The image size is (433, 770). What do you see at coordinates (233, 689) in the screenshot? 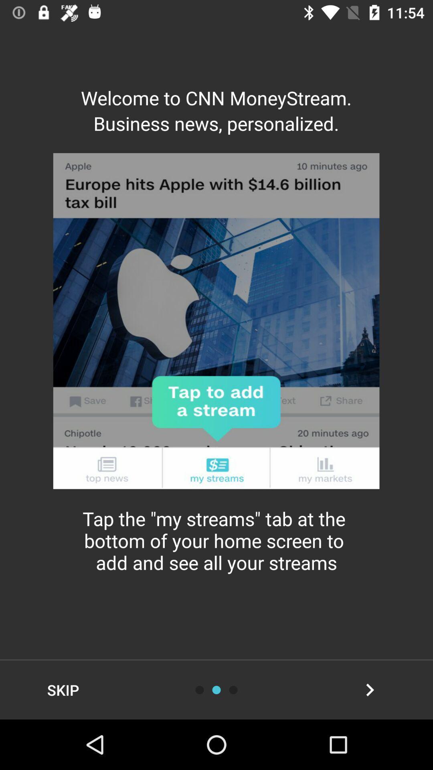
I see `advance option` at bounding box center [233, 689].